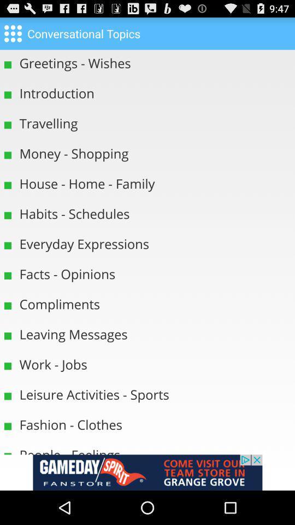  Describe the element at coordinates (12, 36) in the screenshot. I see `the dialpad icon` at that location.